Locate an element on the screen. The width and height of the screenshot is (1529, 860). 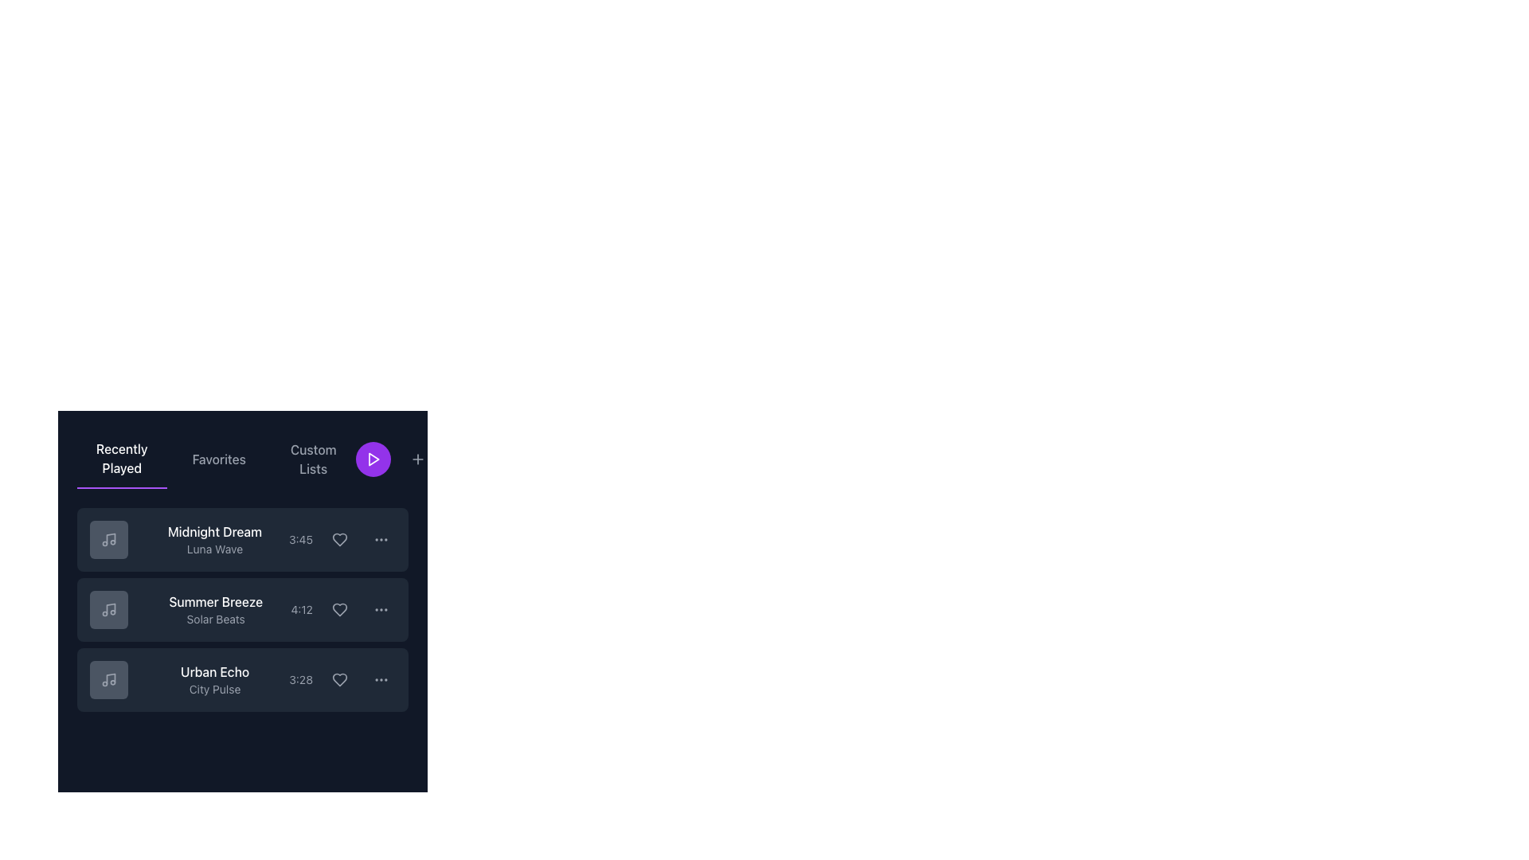
the heart-shaped icon button located in the second row of the 'Recently Played' section next to the track duration '4:12' to change its color to pink is located at coordinates (339, 609).